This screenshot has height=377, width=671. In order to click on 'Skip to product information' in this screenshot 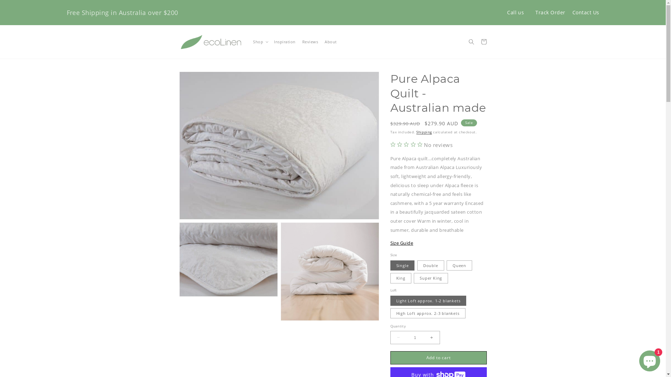, I will do `click(196, 78)`.